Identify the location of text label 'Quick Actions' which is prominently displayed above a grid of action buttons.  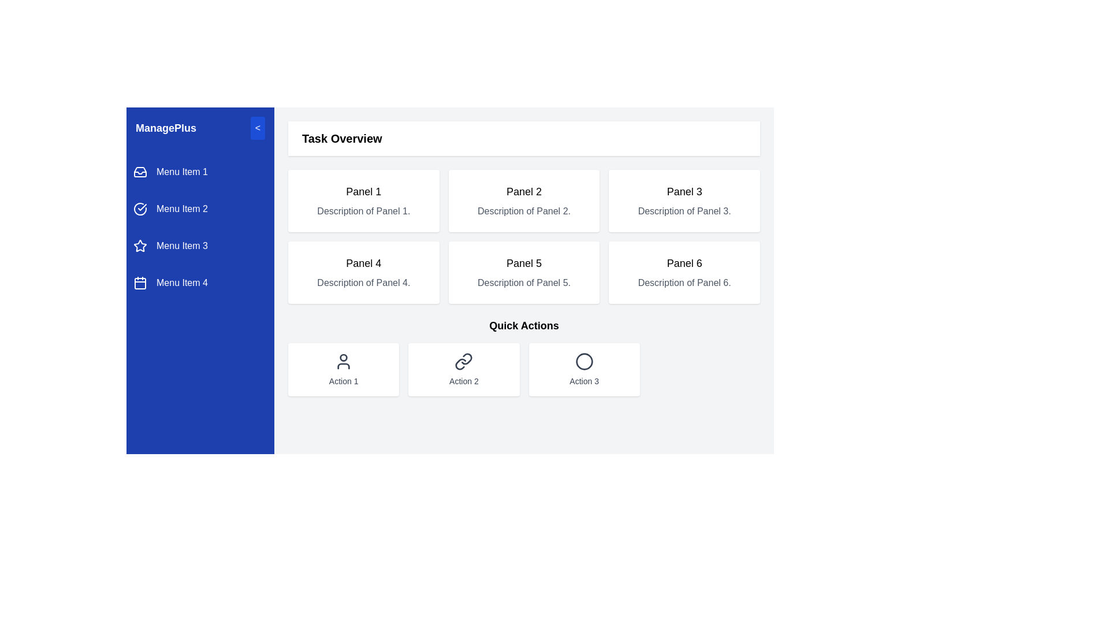
(523, 325).